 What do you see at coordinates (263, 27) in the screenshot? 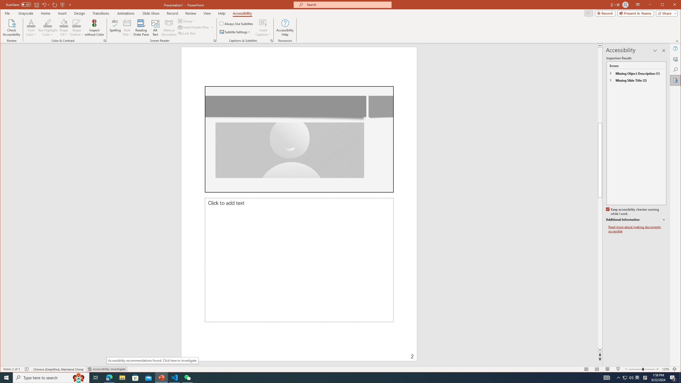
I see `'Insert Captions'` at bounding box center [263, 27].